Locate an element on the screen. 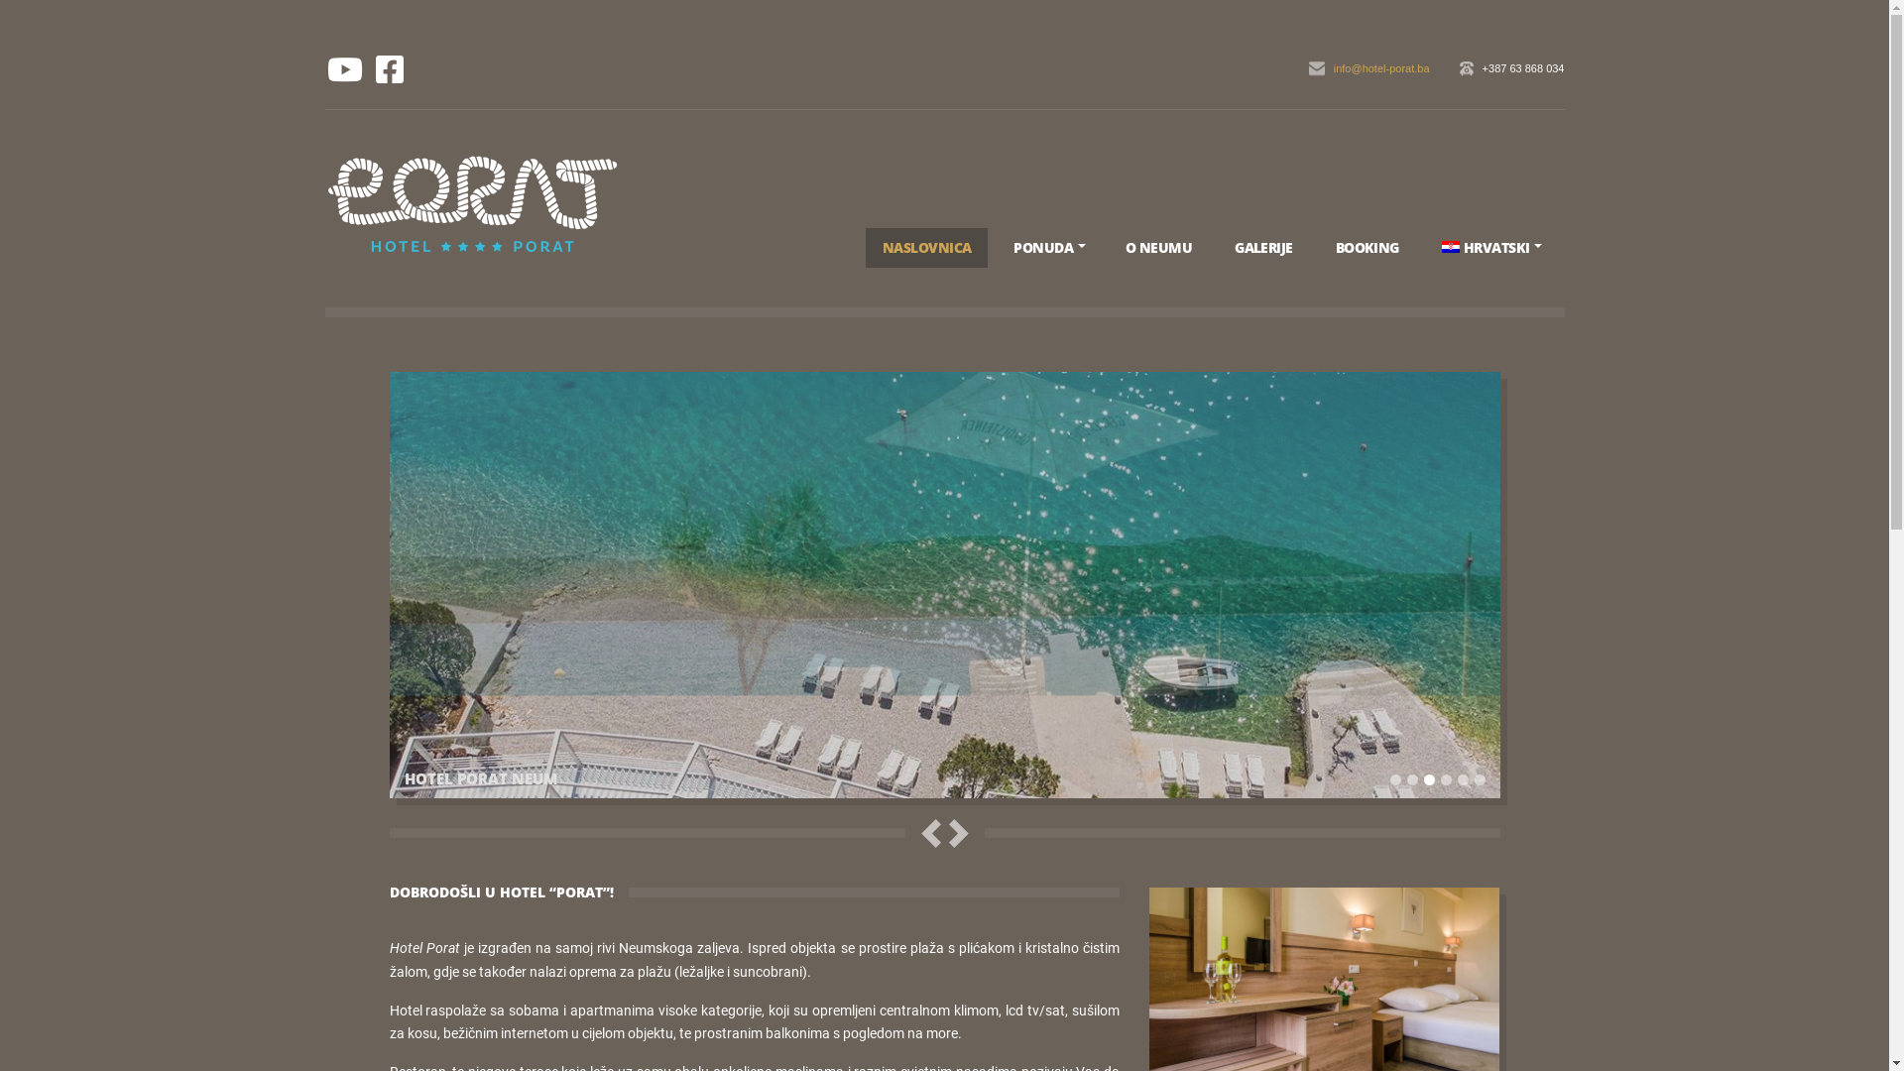 This screenshot has width=1904, height=1071. 'HRVATSKI' is located at coordinates (1490, 247).